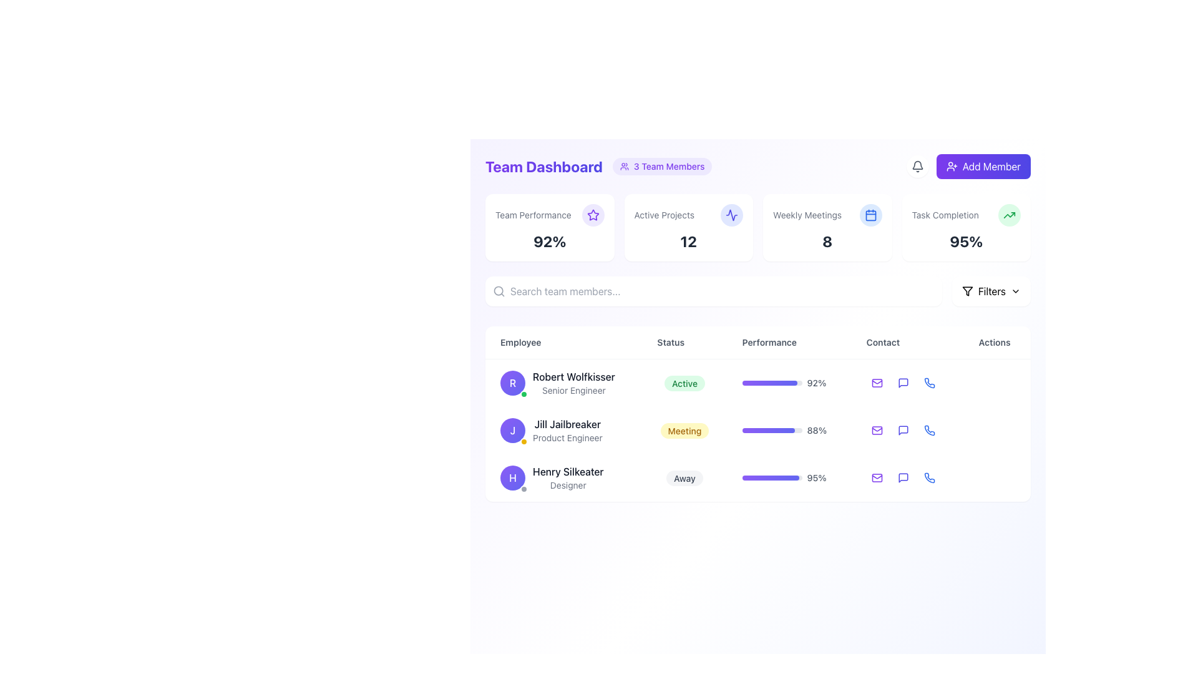 This screenshot has width=1198, height=674. What do you see at coordinates (567, 437) in the screenshot?
I see `the static text label that describes the job title of 'Jill Jailbreaker', which is located directly below her name in the team members list` at bounding box center [567, 437].